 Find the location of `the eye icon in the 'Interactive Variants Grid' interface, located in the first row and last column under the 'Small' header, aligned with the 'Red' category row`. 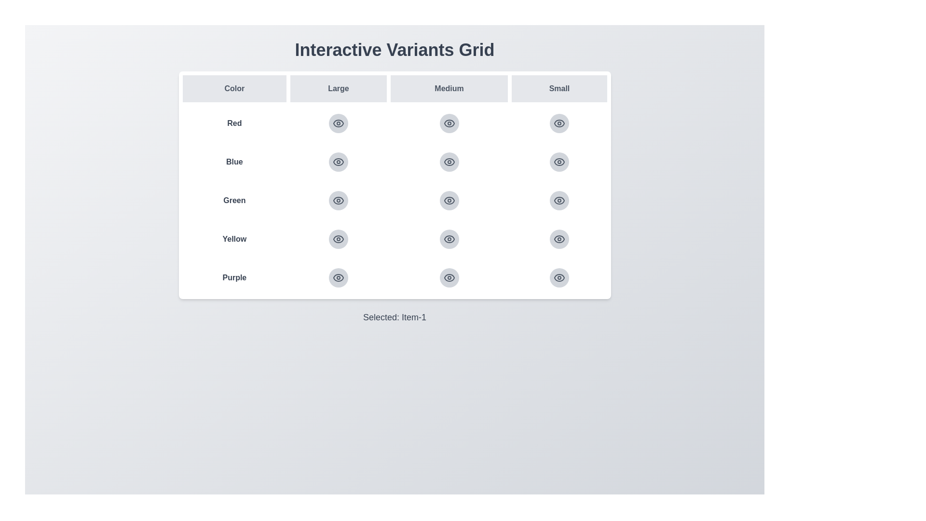

the eye icon in the 'Interactive Variants Grid' interface, located in the first row and last column under the 'Small' header, aligned with the 'Red' category row is located at coordinates (559, 123).